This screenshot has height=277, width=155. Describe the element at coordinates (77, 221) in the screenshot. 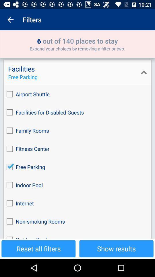

I see `the item below internet checkbox` at that location.